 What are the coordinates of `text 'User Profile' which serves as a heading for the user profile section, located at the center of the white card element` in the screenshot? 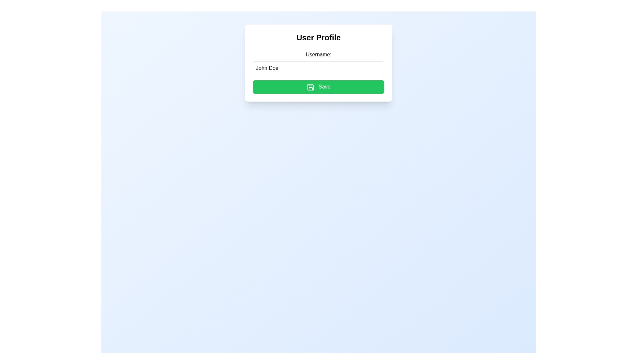 It's located at (318, 38).